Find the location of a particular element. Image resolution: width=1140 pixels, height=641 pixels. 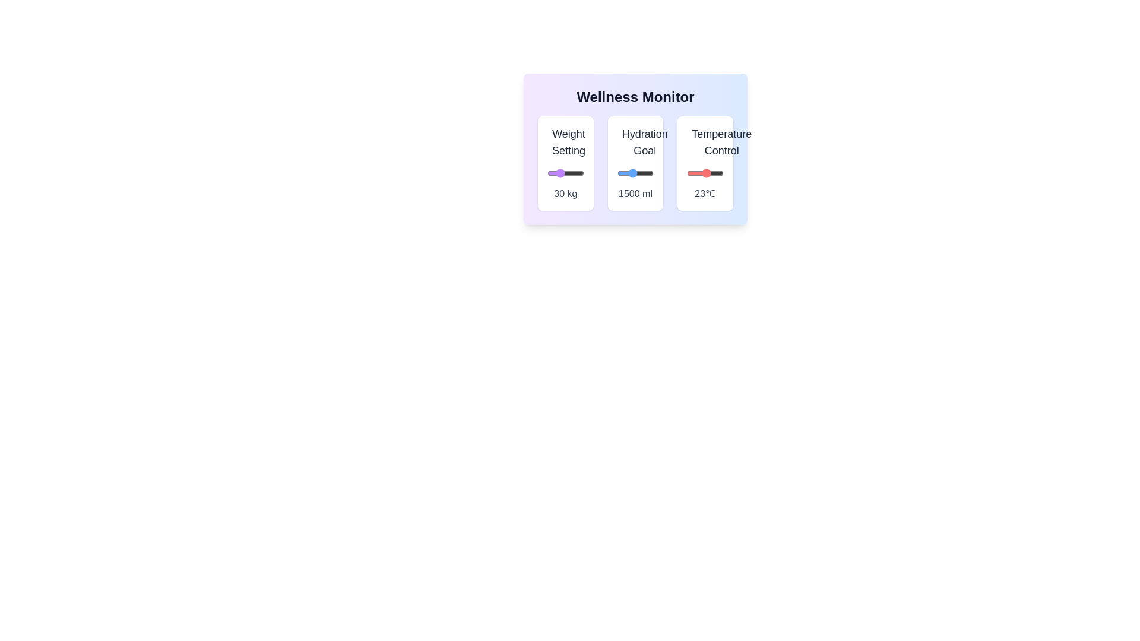

weight is located at coordinates (582, 173).